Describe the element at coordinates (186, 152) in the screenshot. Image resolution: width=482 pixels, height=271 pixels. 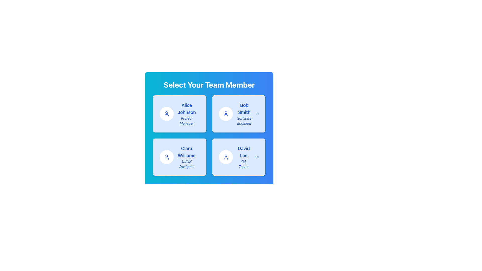
I see `the text label displaying the name 'Clara Williams' in the profile card located in the second column, second row of a four-card layout` at that location.